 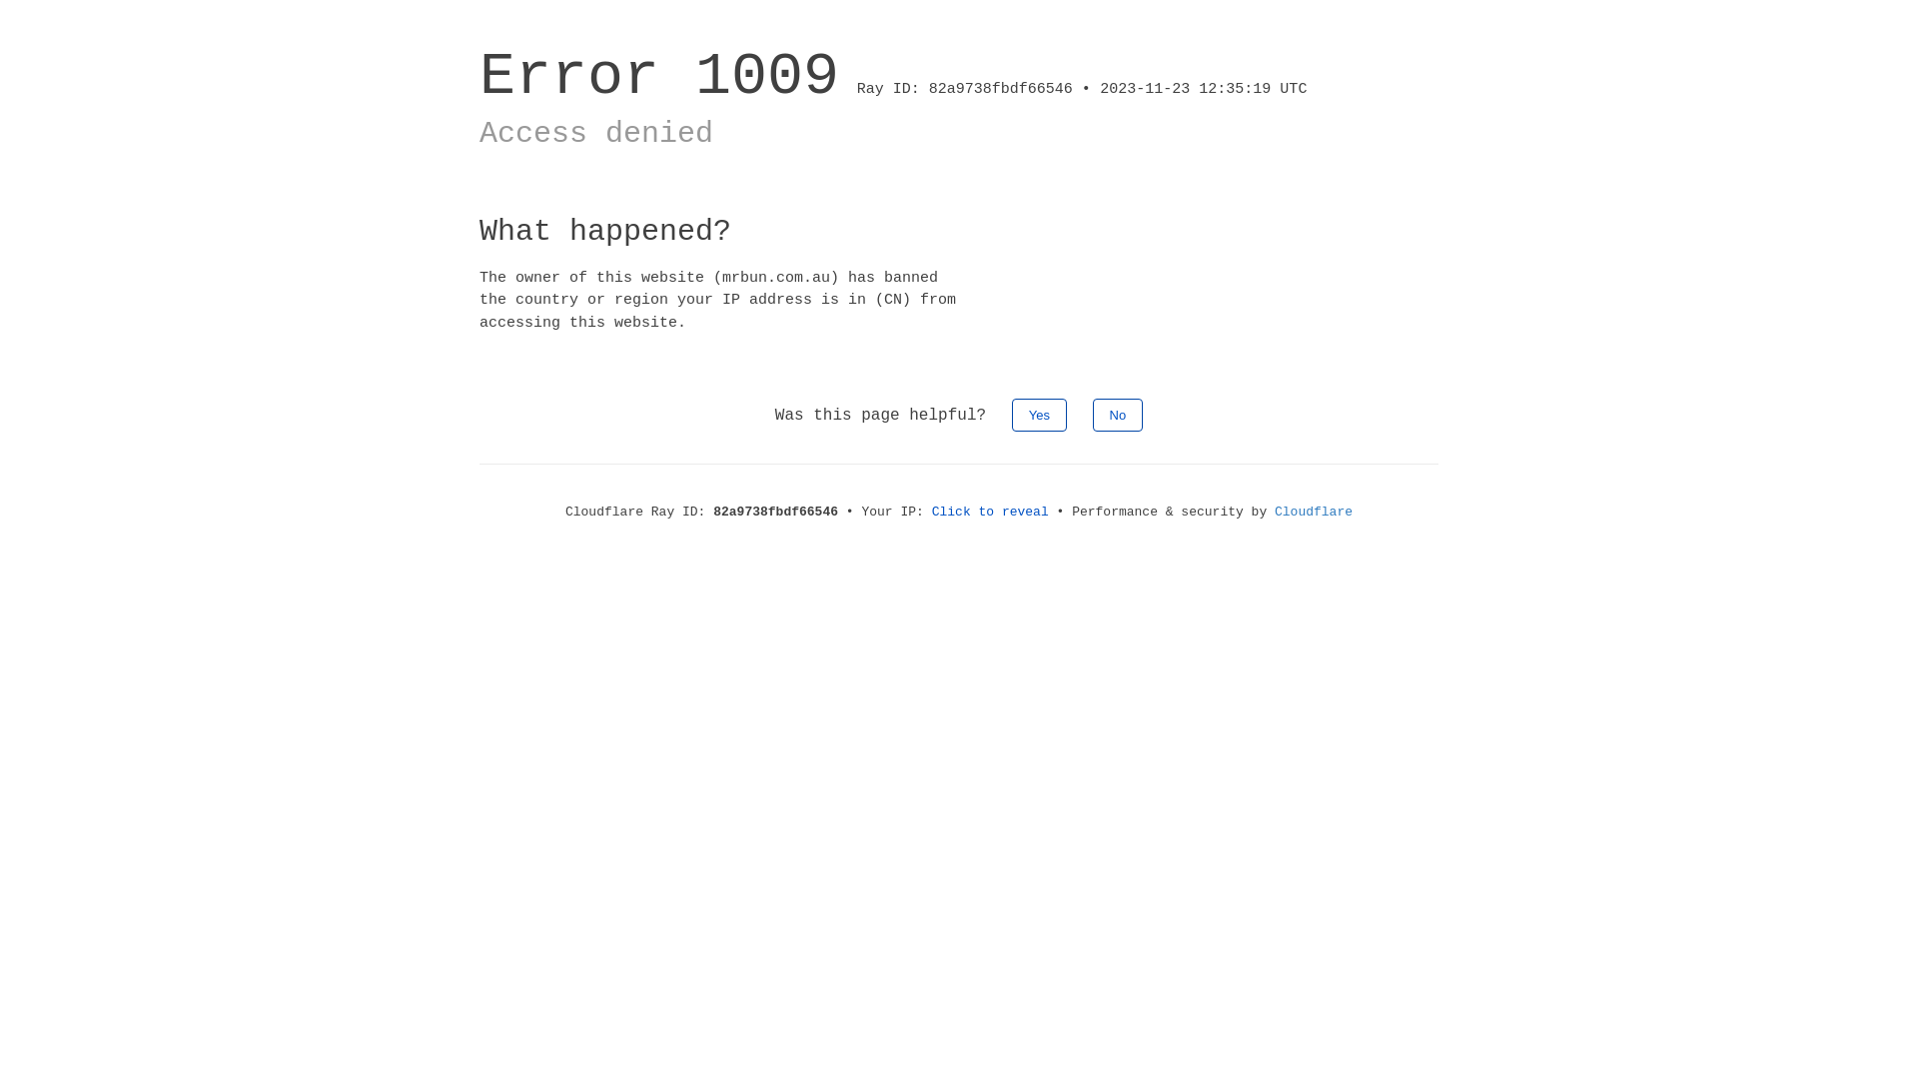 What do you see at coordinates (1314, 511) in the screenshot?
I see `'Cloudflare'` at bounding box center [1314, 511].